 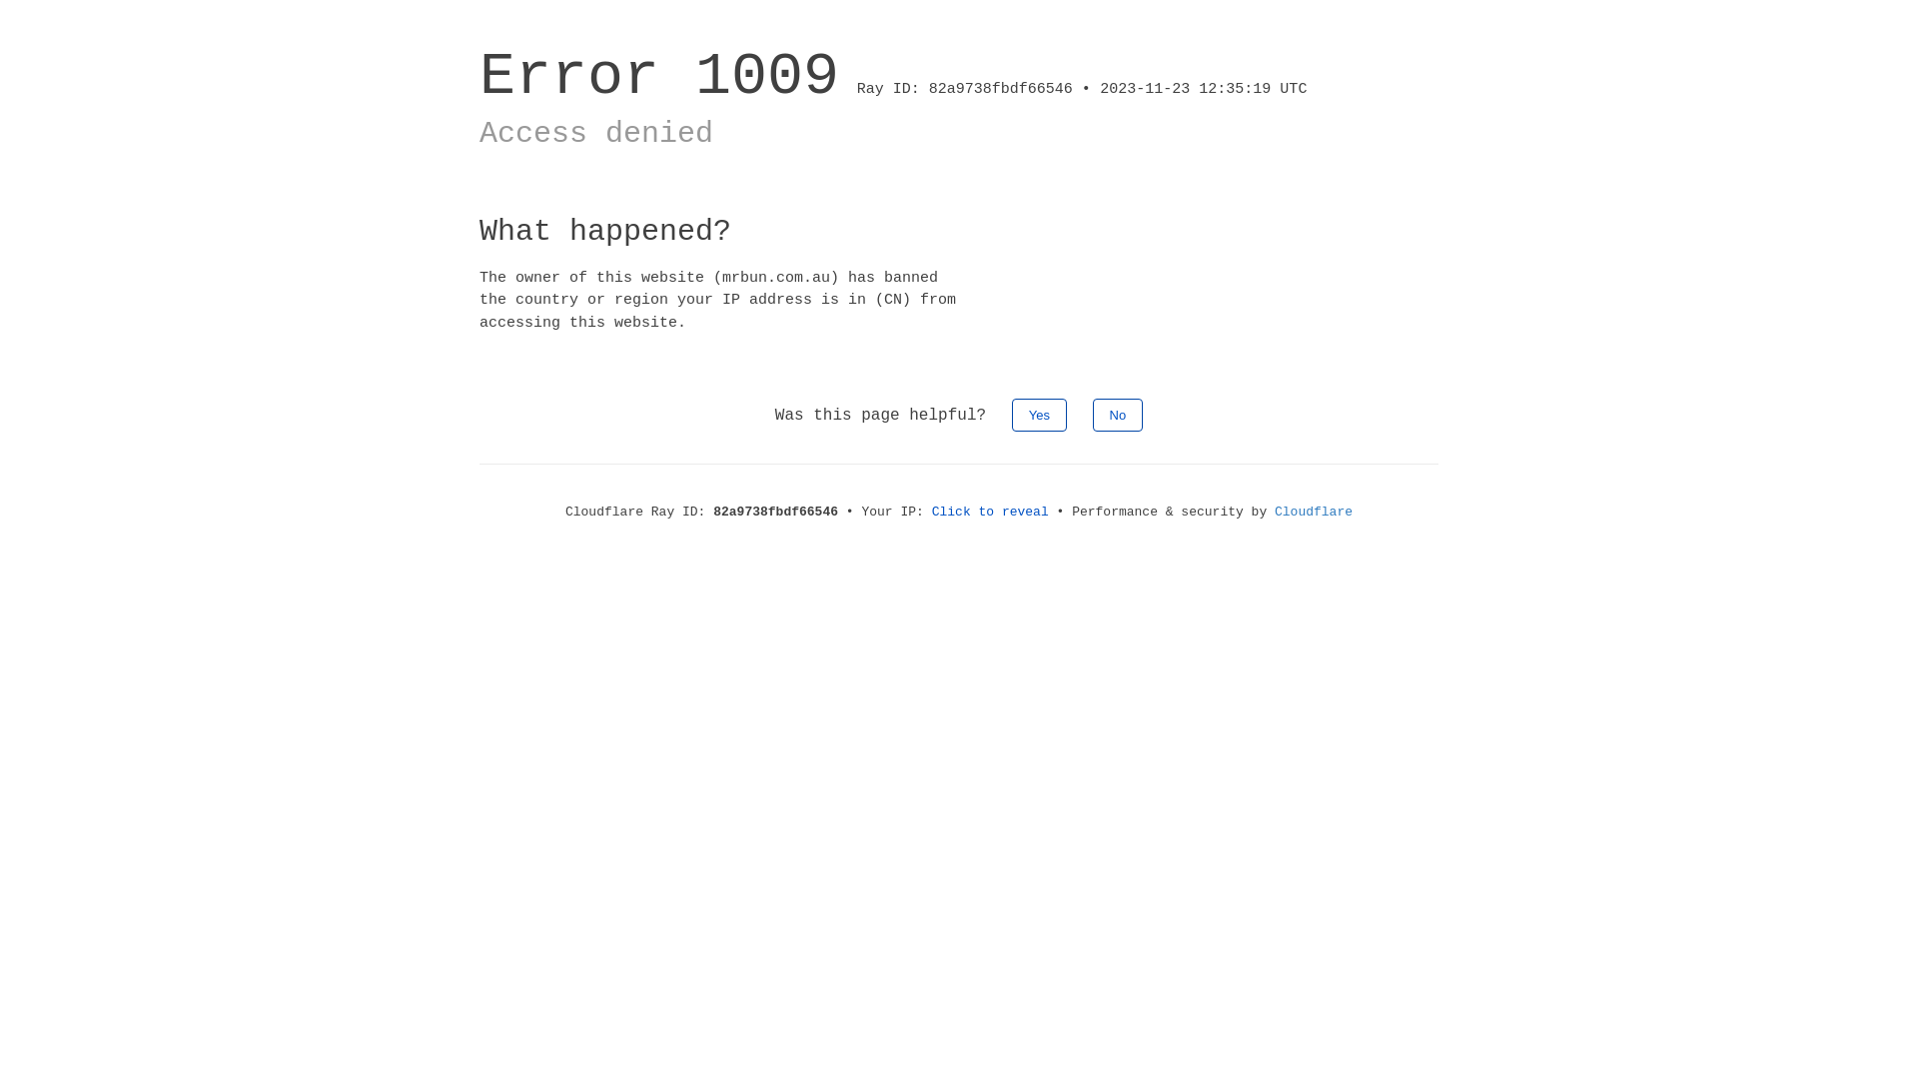 What do you see at coordinates (1314, 511) in the screenshot?
I see `'Cloudflare'` at bounding box center [1314, 511].